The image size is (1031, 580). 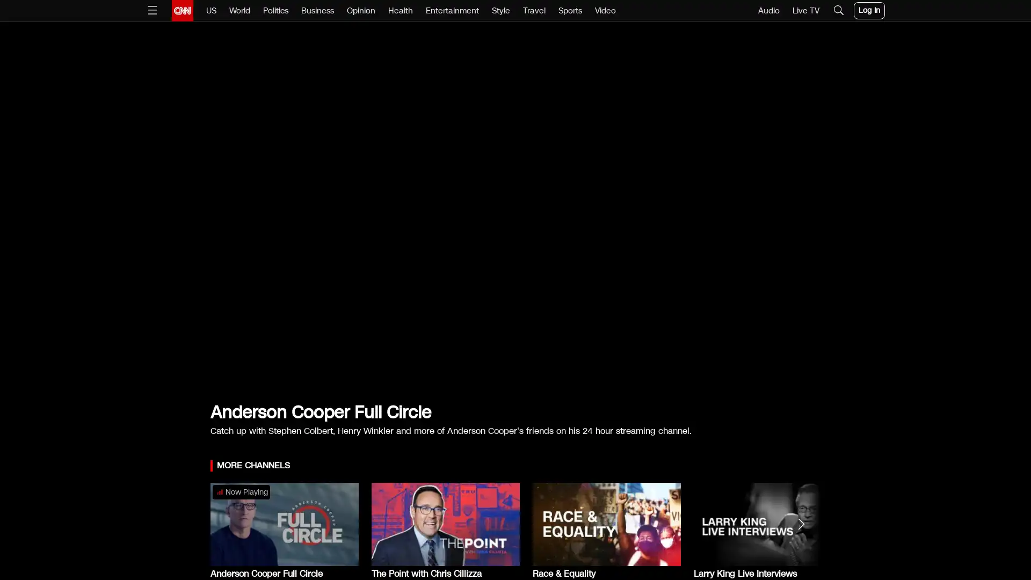 I want to click on Open Menu Icon, so click(x=151, y=10).